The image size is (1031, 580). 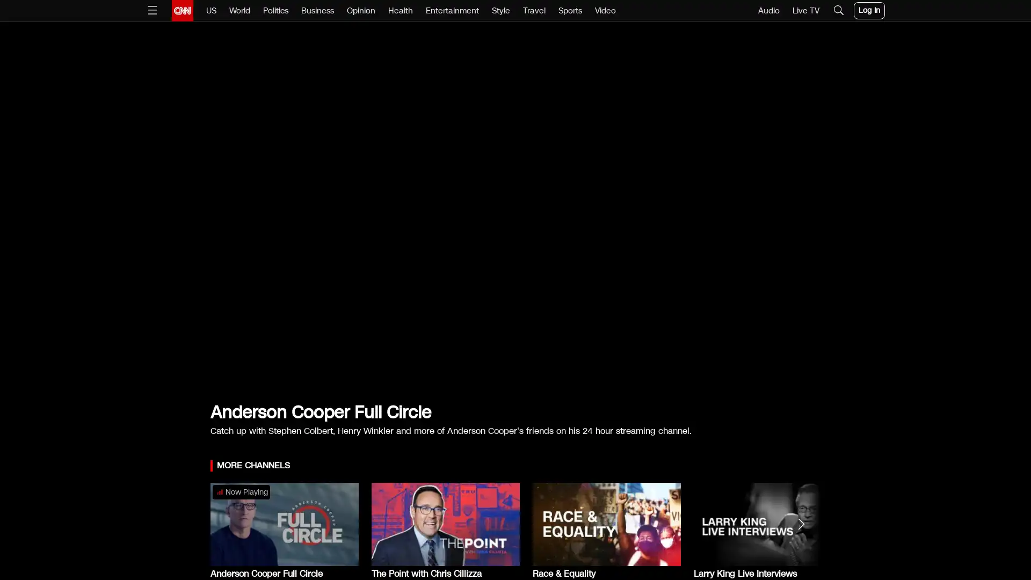 I want to click on Open Menu Icon, so click(x=151, y=10).